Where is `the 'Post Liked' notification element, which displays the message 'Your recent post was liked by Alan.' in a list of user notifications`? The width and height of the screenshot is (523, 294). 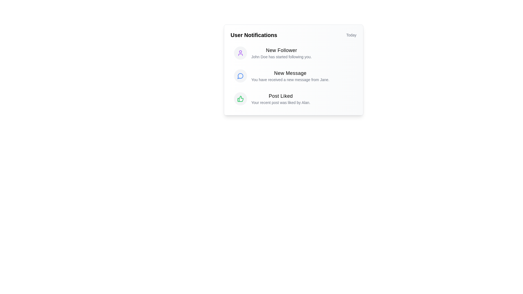 the 'Post Liked' notification element, which displays the message 'Your recent post was liked by Alan.' in a list of user notifications is located at coordinates (281, 99).